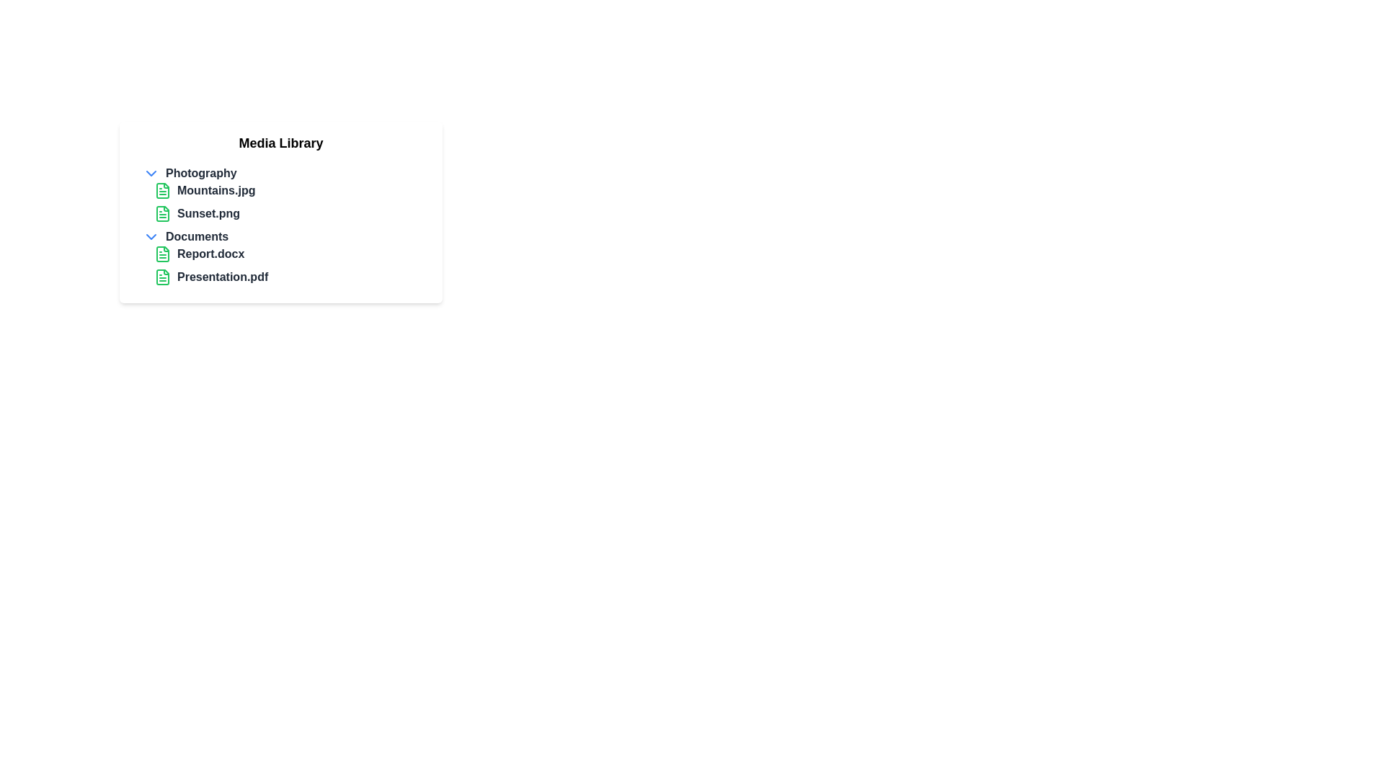 The height and width of the screenshot is (778, 1384). I want to click on the 'Photography' text label to expand or collapse the category, so click(200, 172).